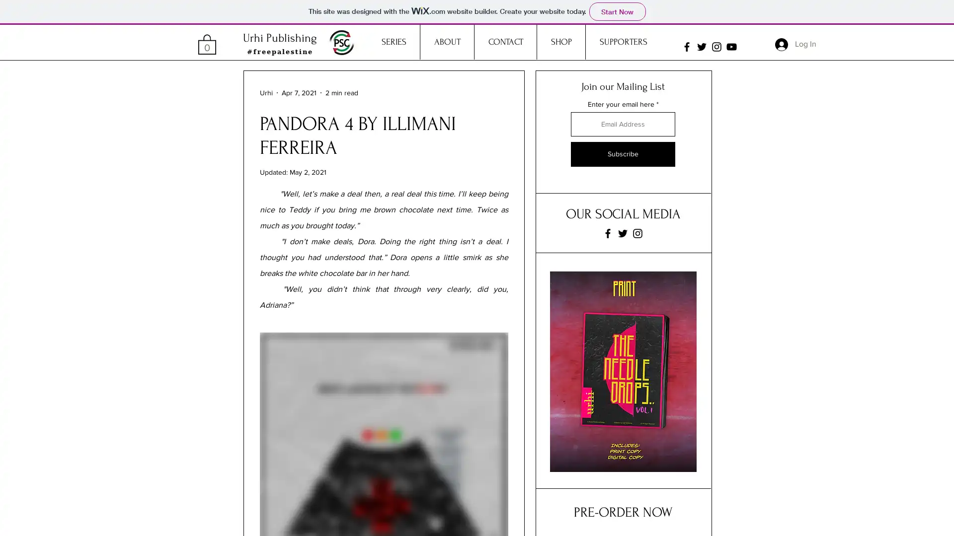  What do you see at coordinates (860, 520) in the screenshot?
I see `Settings` at bounding box center [860, 520].